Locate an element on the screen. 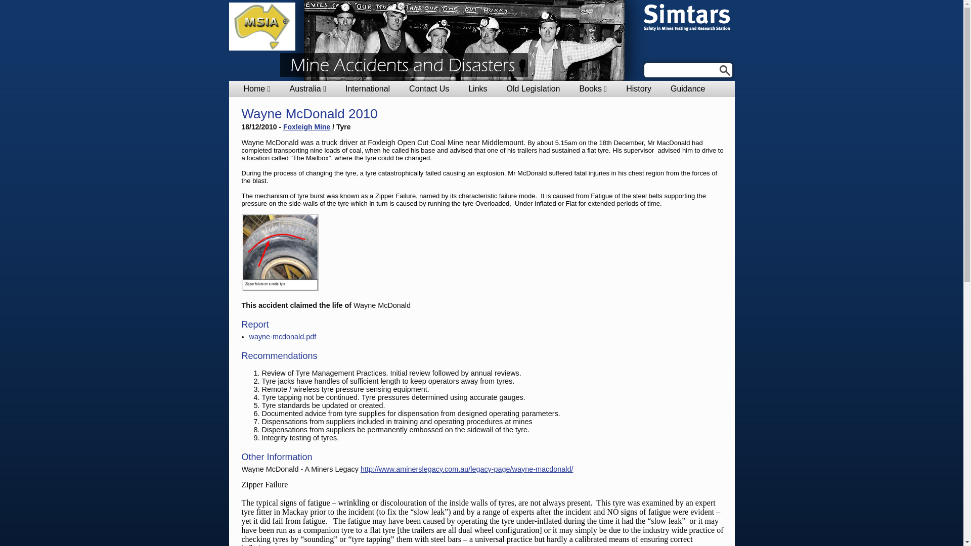 The image size is (971, 546). 'History' is located at coordinates (626, 88).